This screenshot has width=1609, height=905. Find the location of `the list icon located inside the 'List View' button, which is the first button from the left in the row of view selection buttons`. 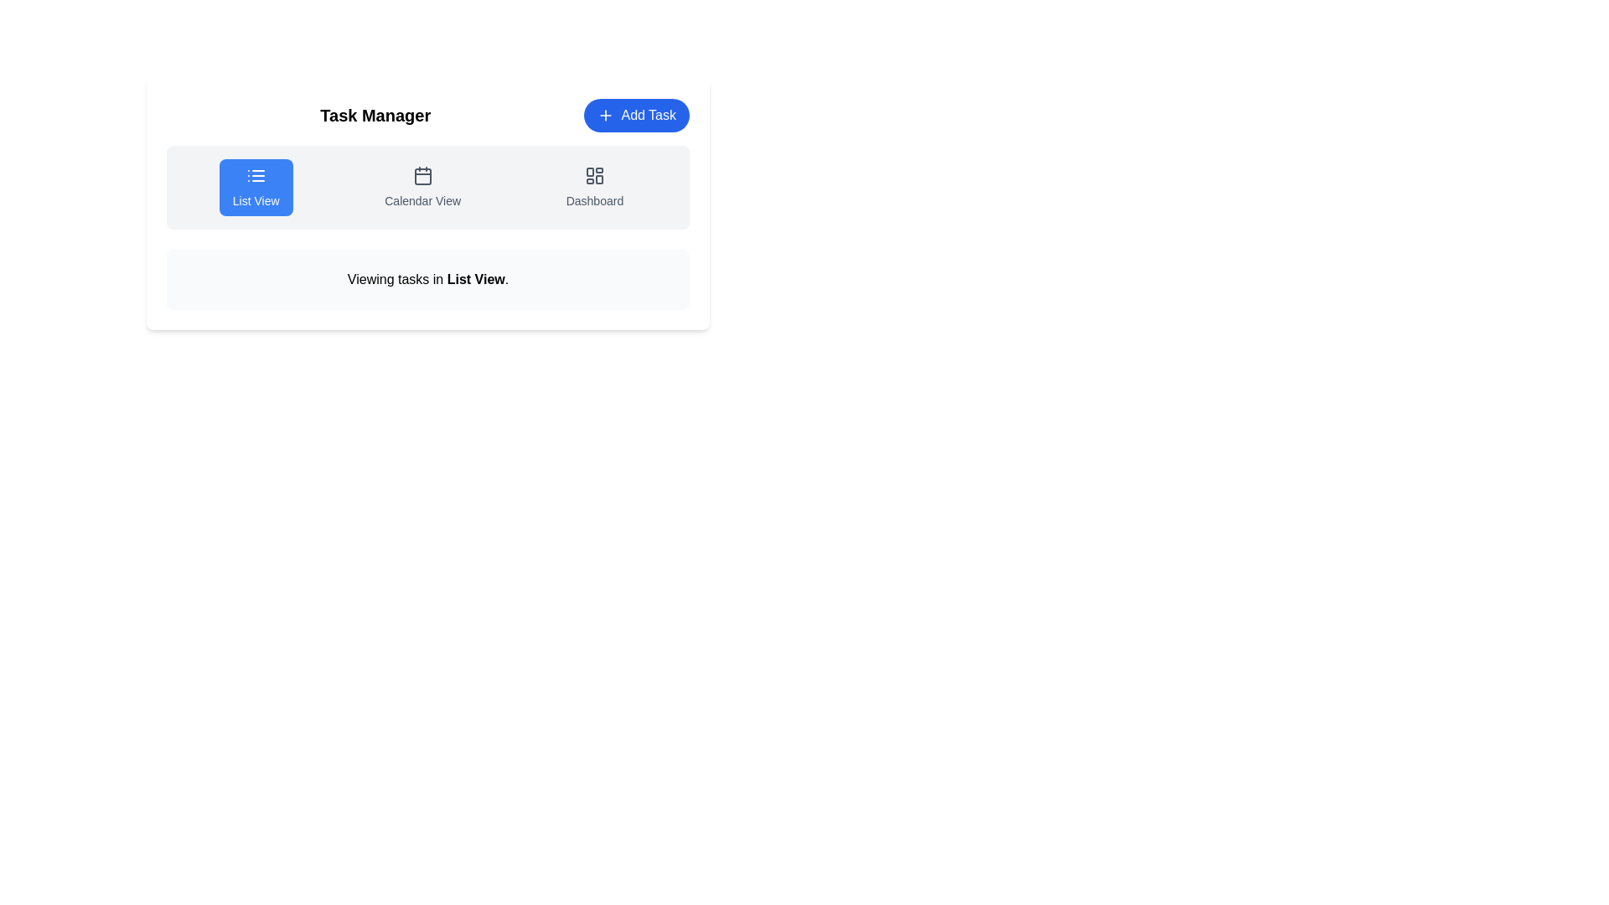

the list icon located inside the 'List View' button, which is the first button from the left in the row of view selection buttons is located at coordinates (255, 175).